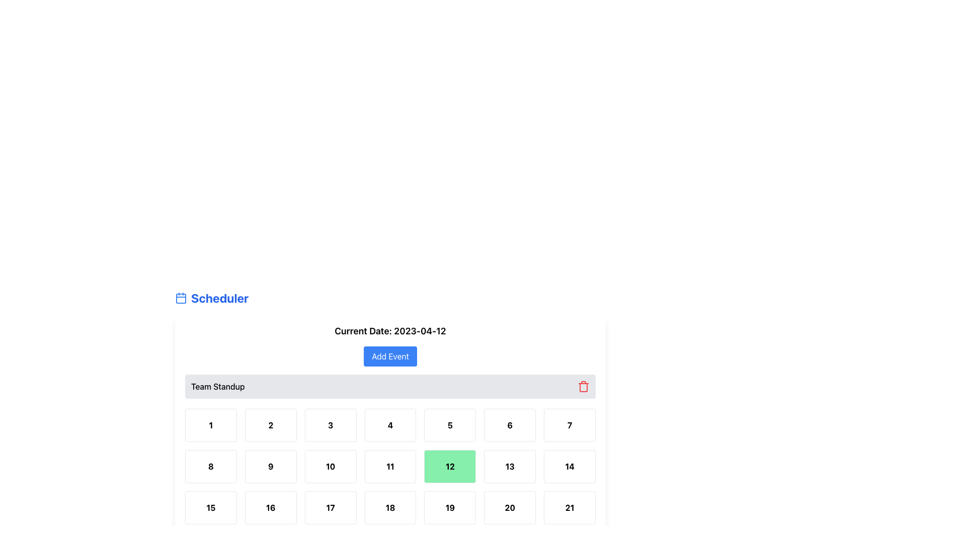 This screenshot has width=966, height=543. Describe the element at coordinates (210, 425) in the screenshot. I see `the first grid item below the label 'Team Standup'` at that location.